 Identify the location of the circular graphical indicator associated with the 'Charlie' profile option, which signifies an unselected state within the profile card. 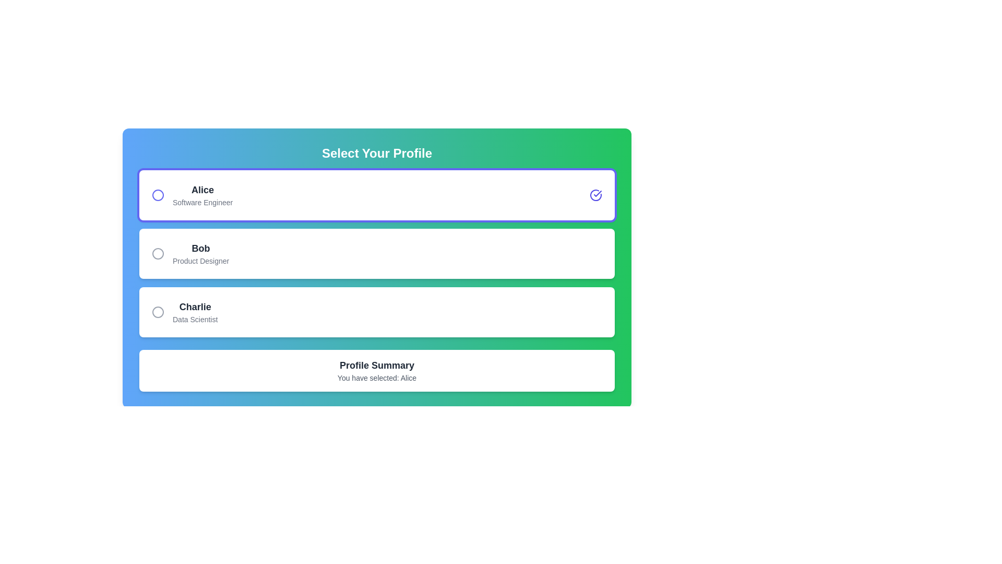
(157, 311).